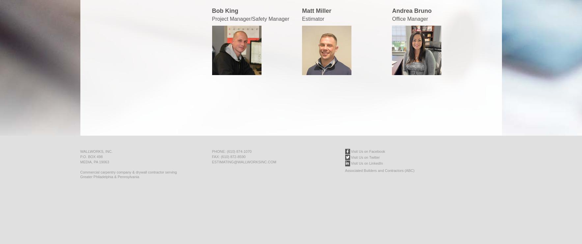 The width and height of the screenshot is (582, 244). What do you see at coordinates (96, 151) in the screenshot?
I see `'WALLWORKS, INC.'` at bounding box center [96, 151].